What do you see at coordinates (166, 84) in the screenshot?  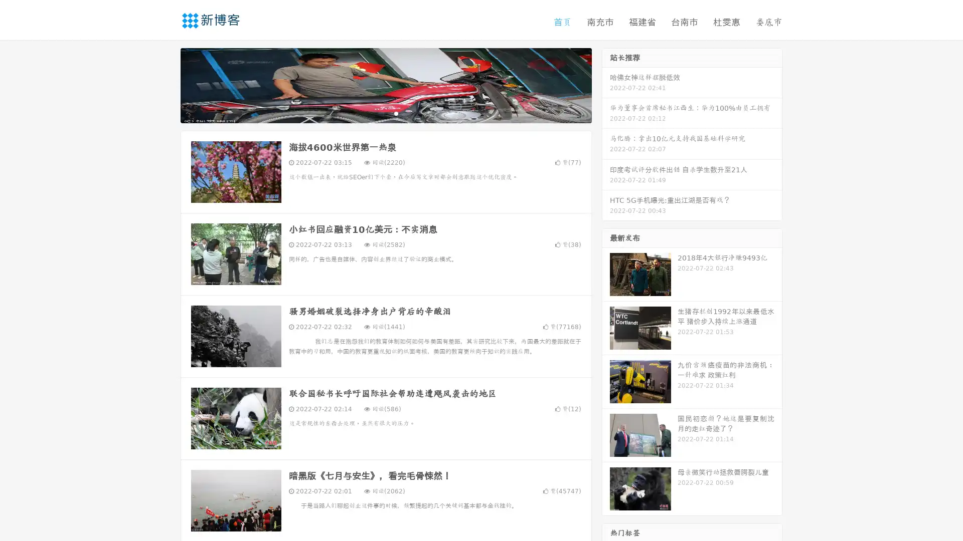 I see `Previous slide` at bounding box center [166, 84].